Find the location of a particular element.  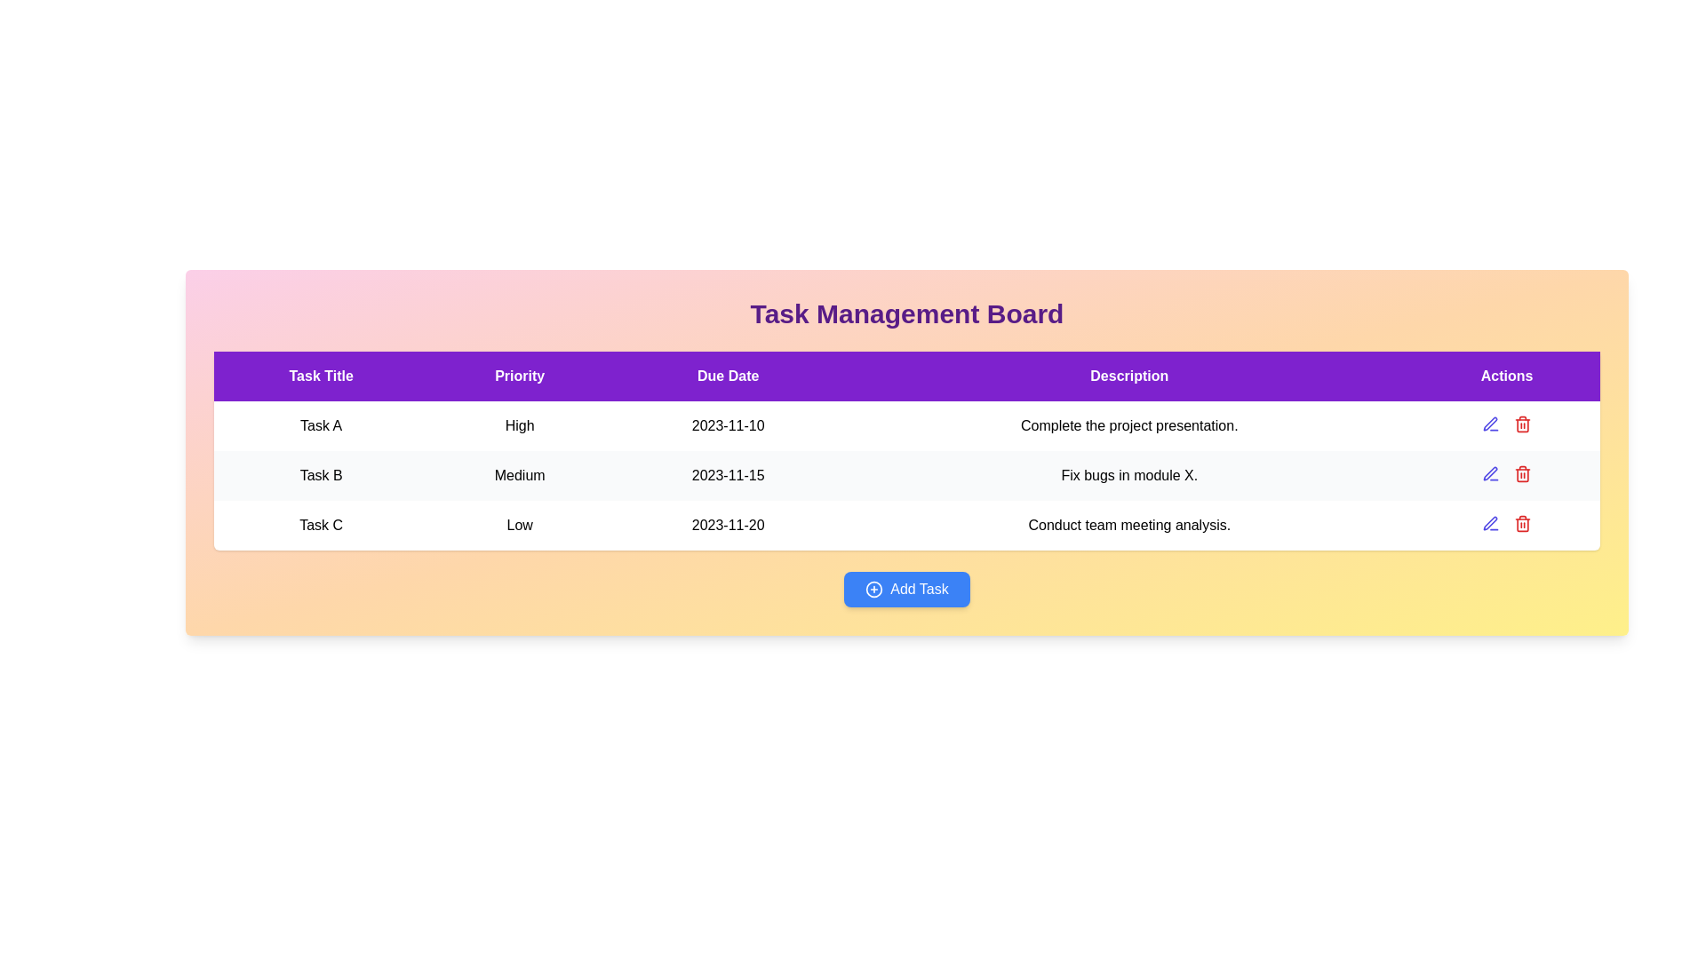

the static text block that describes a task in the task management system, located in the 'Description' column of the first row is located at coordinates (1128, 425).